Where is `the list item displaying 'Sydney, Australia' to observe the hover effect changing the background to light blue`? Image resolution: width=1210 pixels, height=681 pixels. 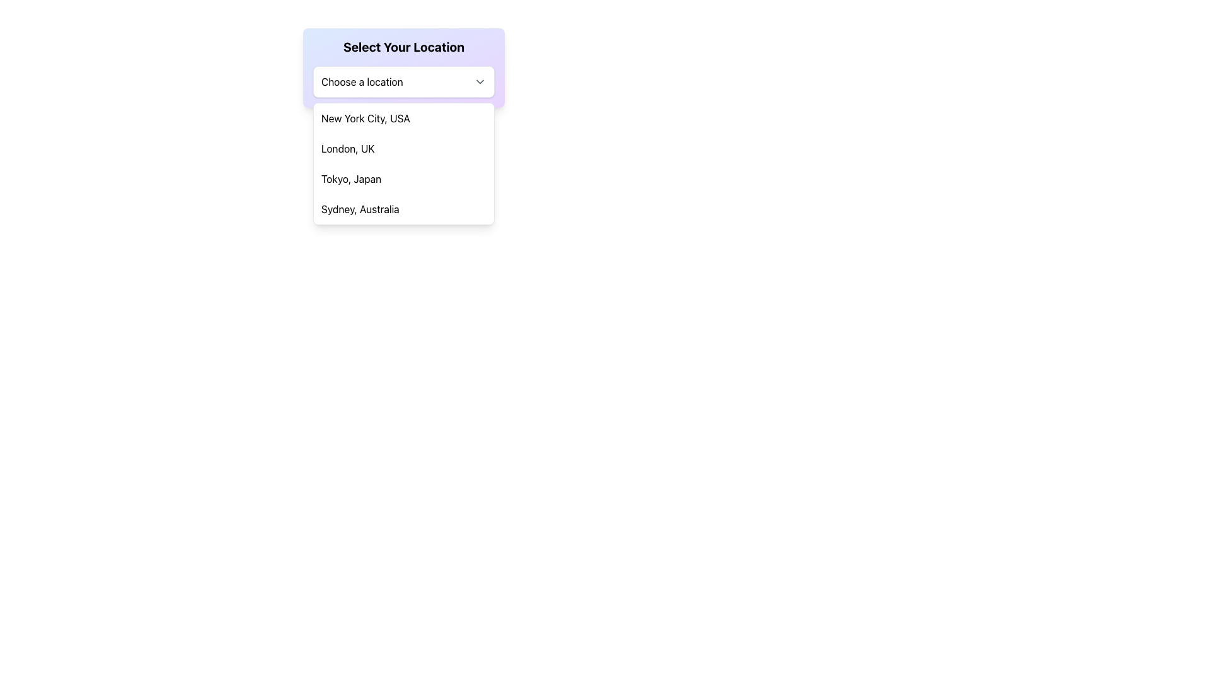 the list item displaying 'Sydney, Australia' to observe the hover effect changing the background to light blue is located at coordinates (404, 208).